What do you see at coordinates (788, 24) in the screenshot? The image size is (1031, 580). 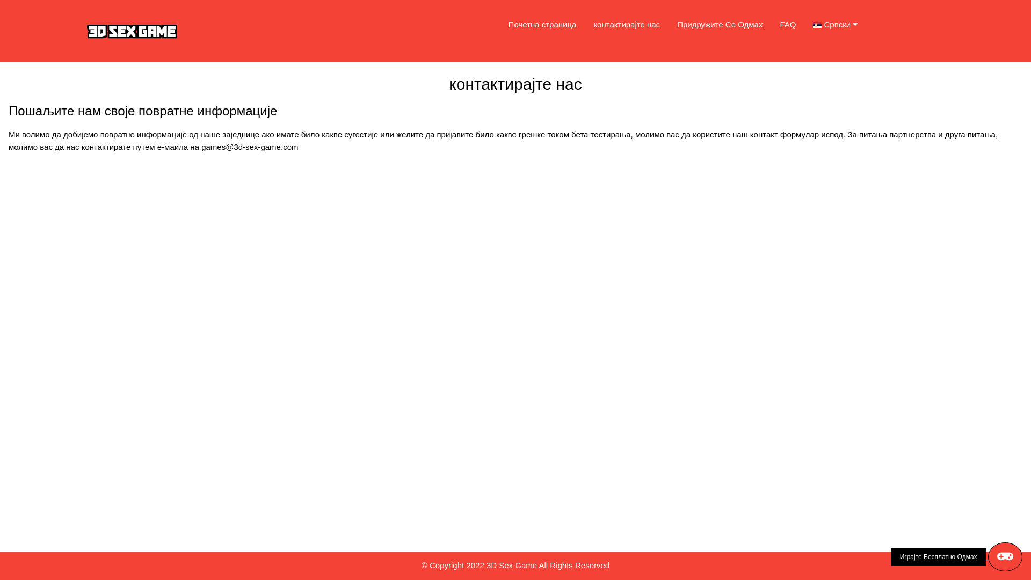 I see `'FAQ'` at bounding box center [788, 24].